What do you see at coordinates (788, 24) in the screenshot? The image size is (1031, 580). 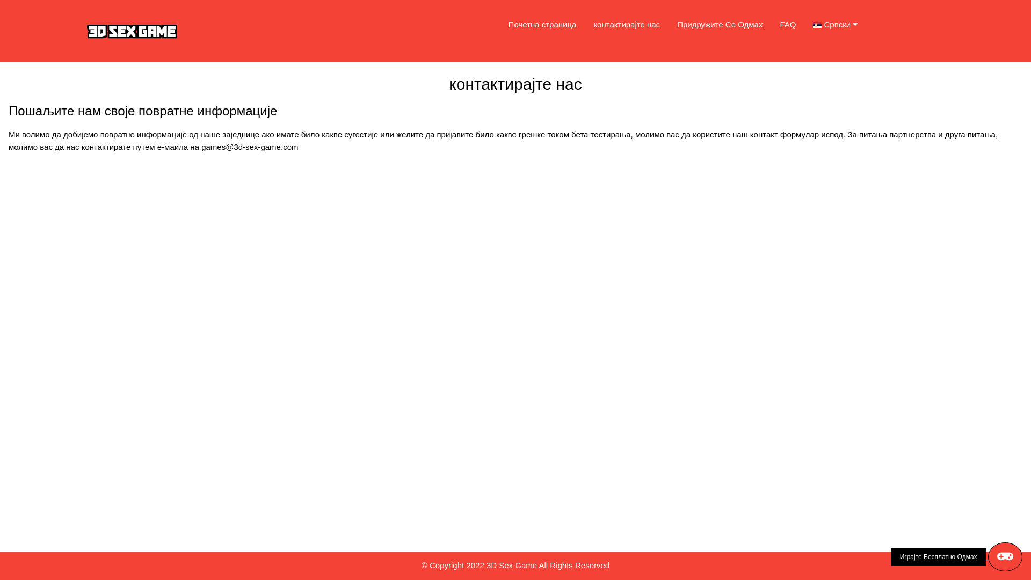 I see `'FAQ'` at bounding box center [788, 24].